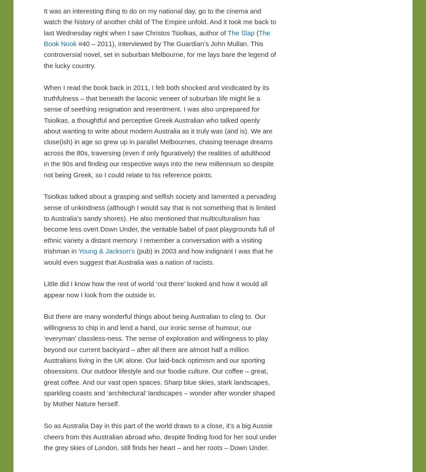  What do you see at coordinates (43, 370) in the screenshot?
I see `'Our laid-back optimism and our sporting obsessions. Our outdoor lifestyle and our foodie culture. Our coffee – great, great coffee.'` at bounding box center [43, 370].